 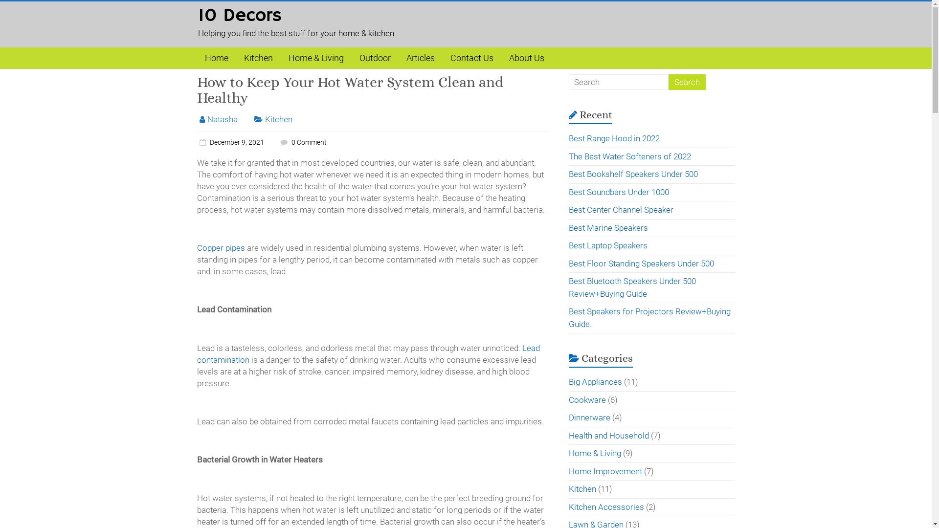 What do you see at coordinates (258, 58) in the screenshot?
I see `'Kitchen'` at bounding box center [258, 58].